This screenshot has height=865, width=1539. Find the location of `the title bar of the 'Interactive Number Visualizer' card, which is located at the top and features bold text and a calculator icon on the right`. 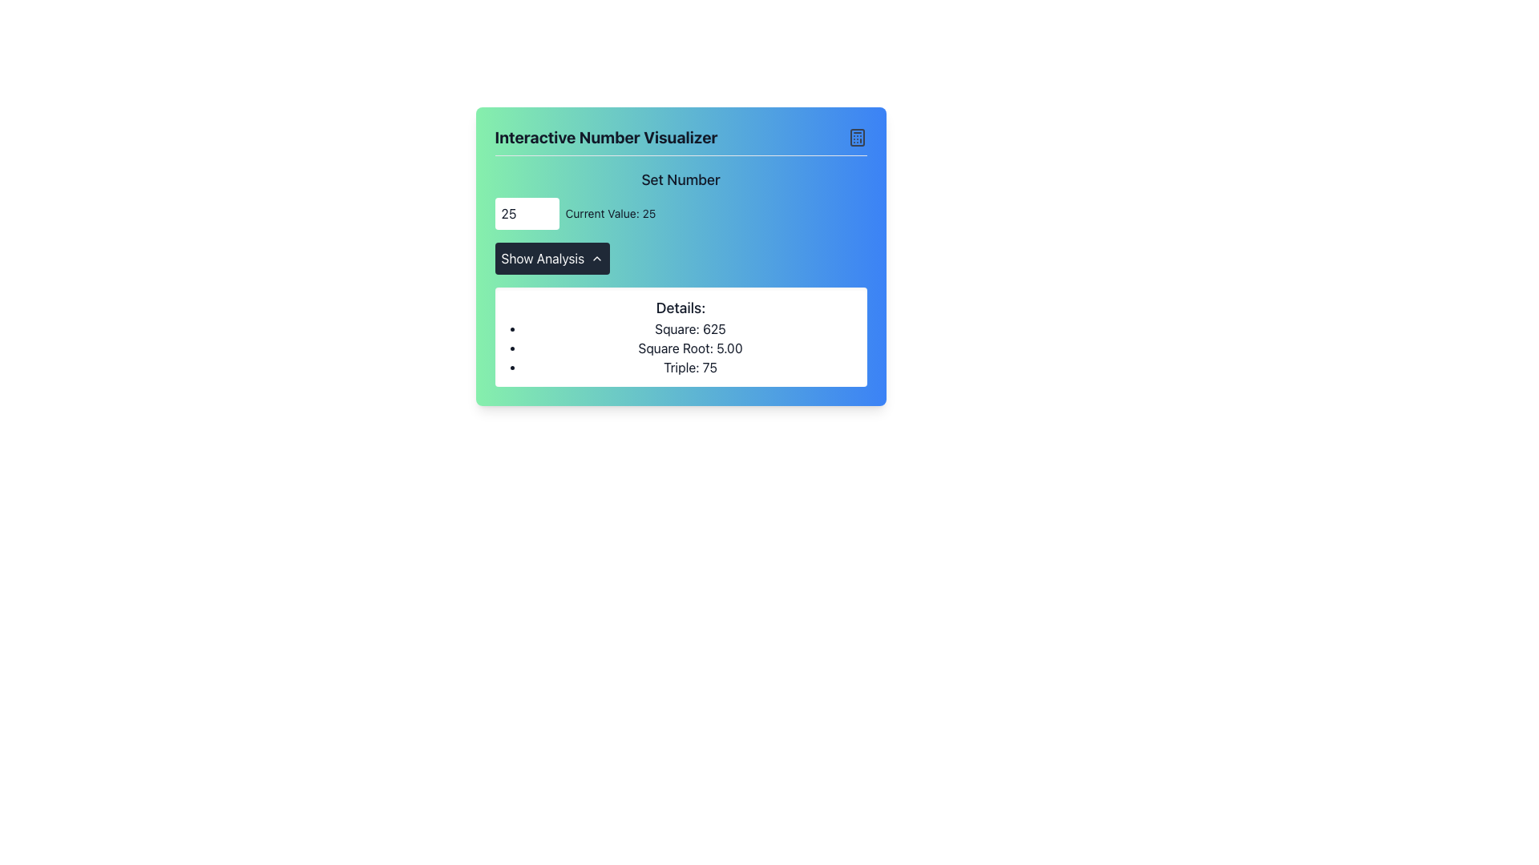

the title bar of the 'Interactive Number Visualizer' card, which is located at the top and features bold text and a calculator icon on the right is located at coordinates (681, 140).